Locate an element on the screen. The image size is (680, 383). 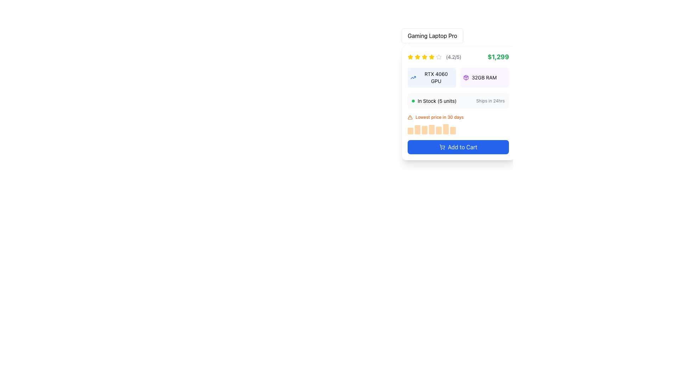
the sixth vertical bar of the bar chart, which represents a data point related to pricing history, located below the 'Lowest price in 30 days' label is located at coordinates (446, 129).